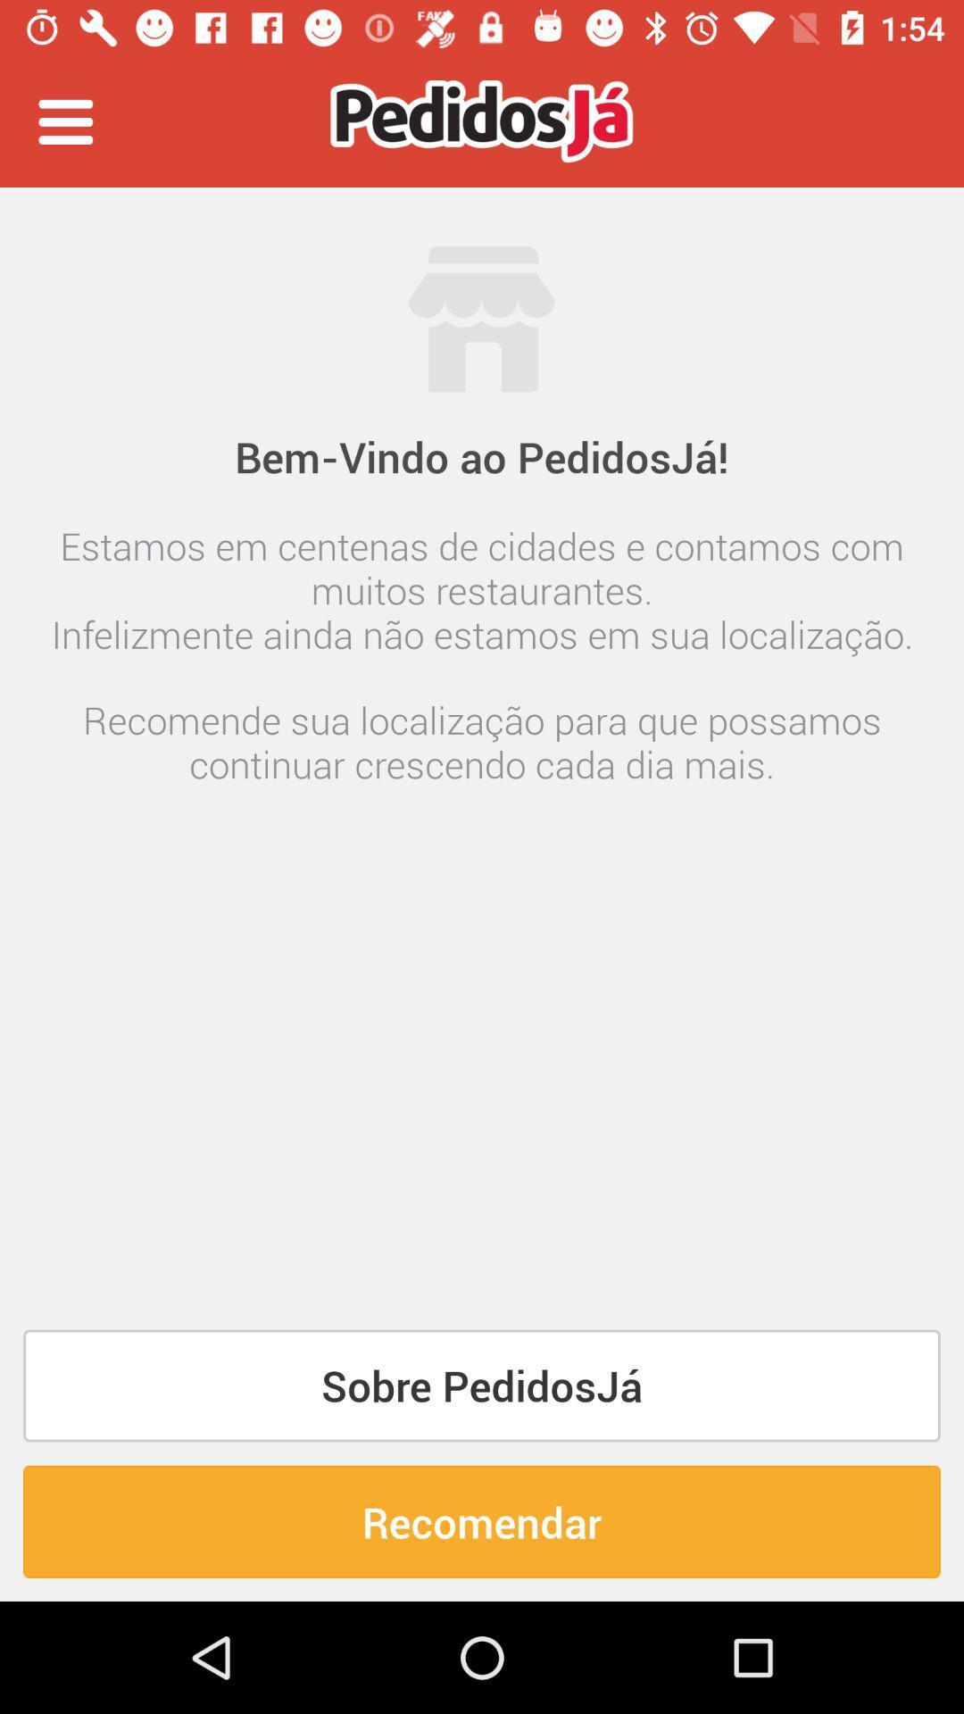 This screenshot has height=1714, width=964. Describe the element at coordinates (64, 121) in the screenshot. I see `the item at the top left corner` at that location.